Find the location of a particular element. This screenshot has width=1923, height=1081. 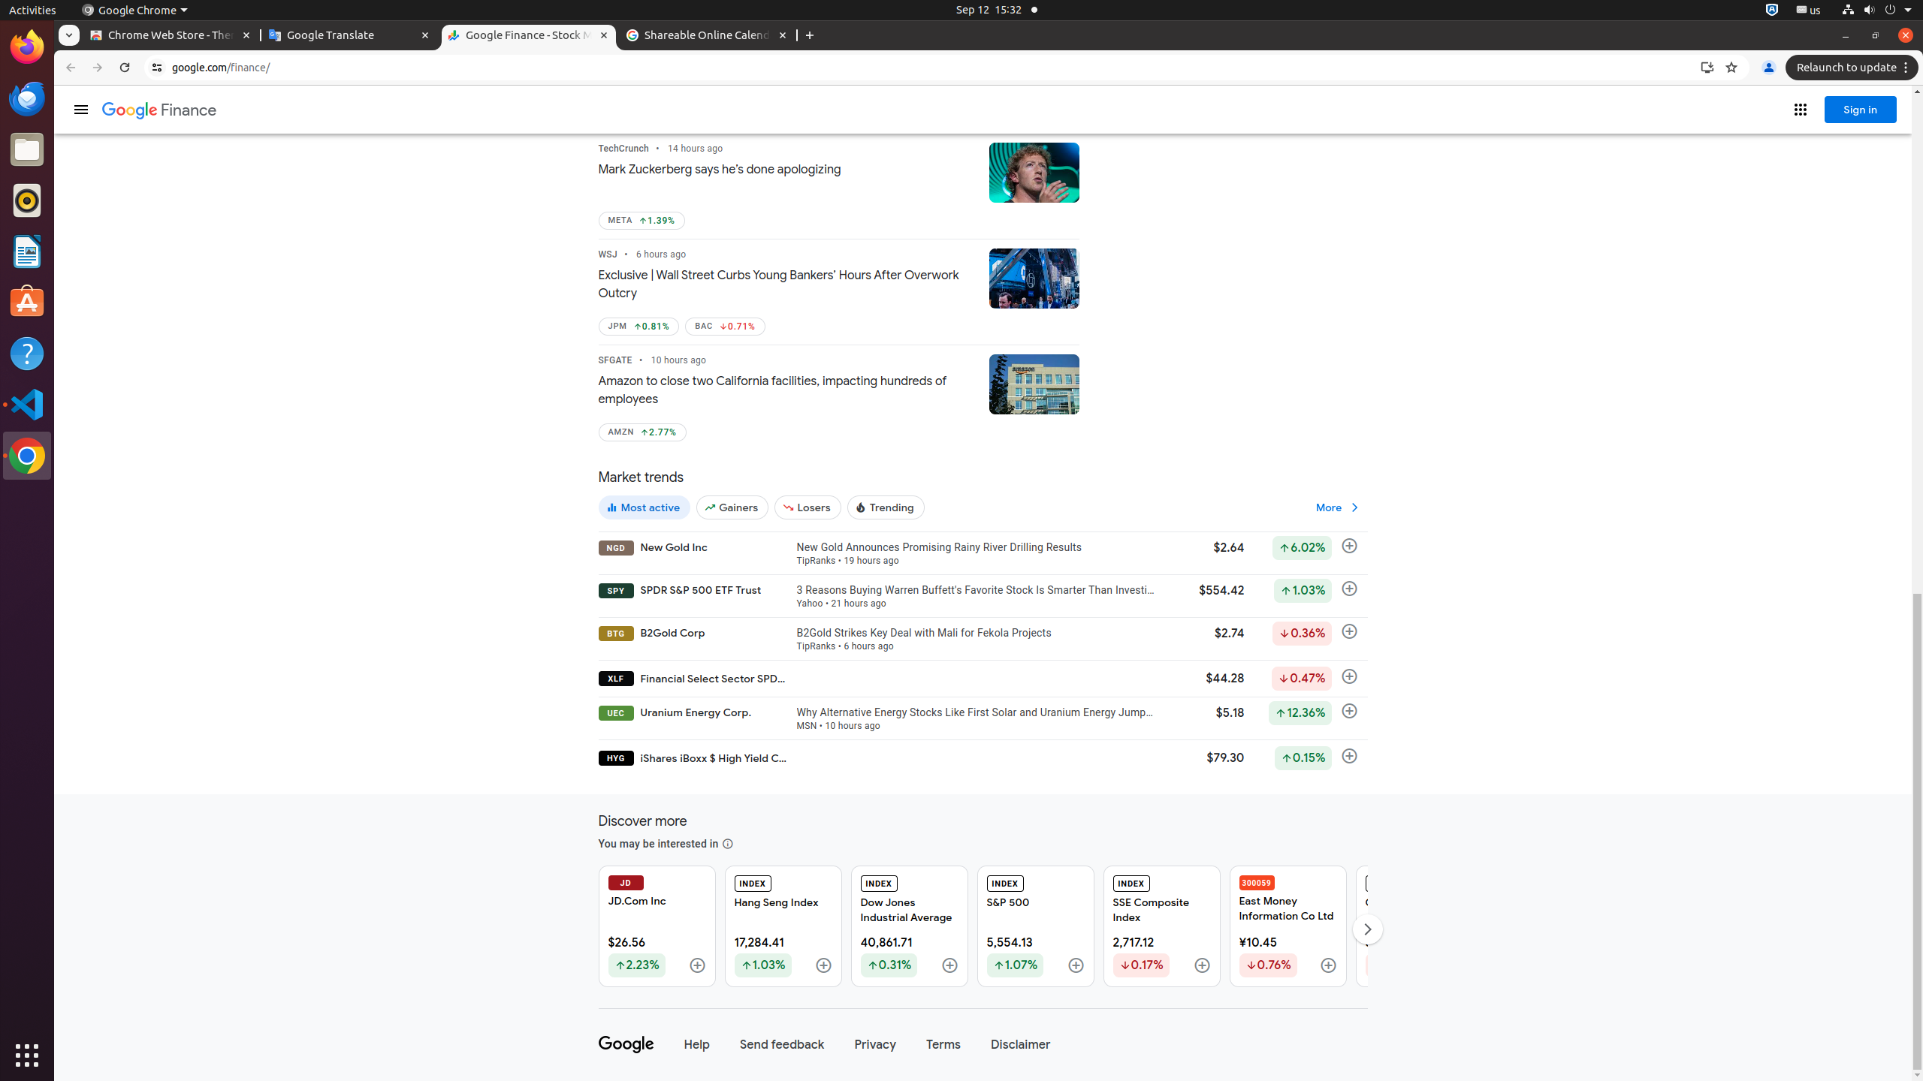

'INDEX Hang Seng Index 17,284.41 Up by 1.03%' is located at coordinates (782, 926).